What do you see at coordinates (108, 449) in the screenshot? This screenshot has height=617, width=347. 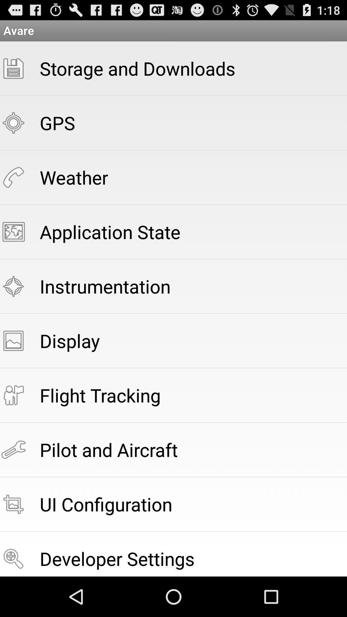 I see `pilot and aircraft` at bounding box center [108, 449].